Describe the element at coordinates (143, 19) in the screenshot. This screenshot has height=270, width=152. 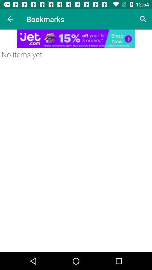
I see `search` at that location.